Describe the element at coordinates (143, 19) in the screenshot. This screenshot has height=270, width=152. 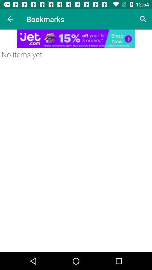
I see `search` at that location.